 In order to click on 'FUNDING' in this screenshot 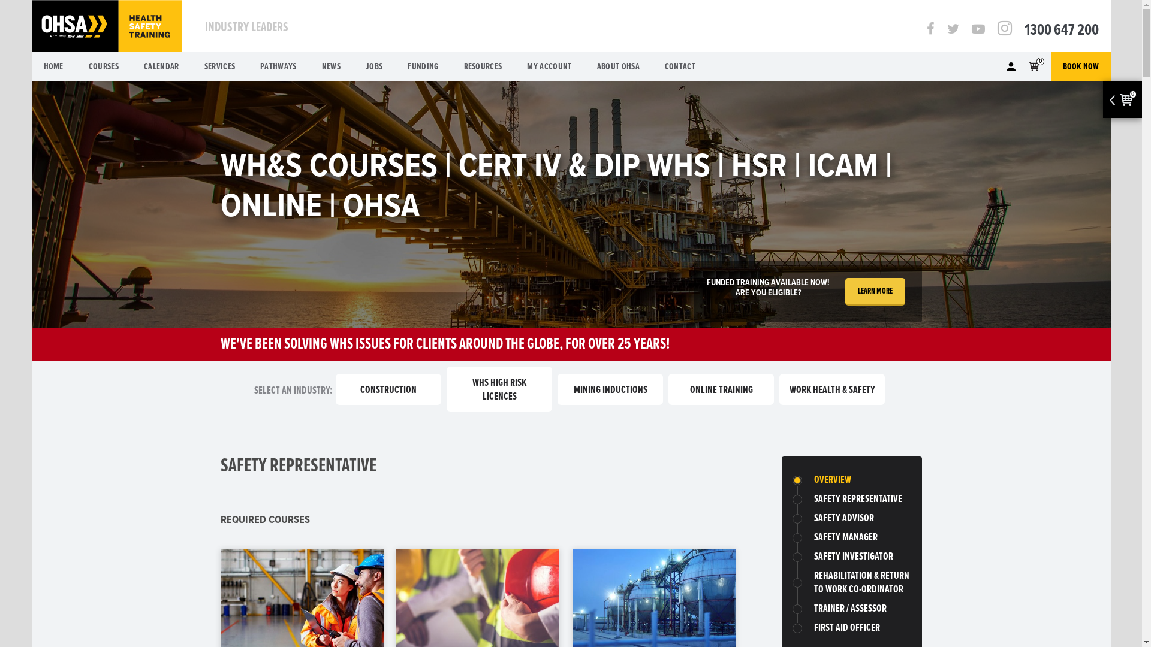, I will do `click(423, 66)`.